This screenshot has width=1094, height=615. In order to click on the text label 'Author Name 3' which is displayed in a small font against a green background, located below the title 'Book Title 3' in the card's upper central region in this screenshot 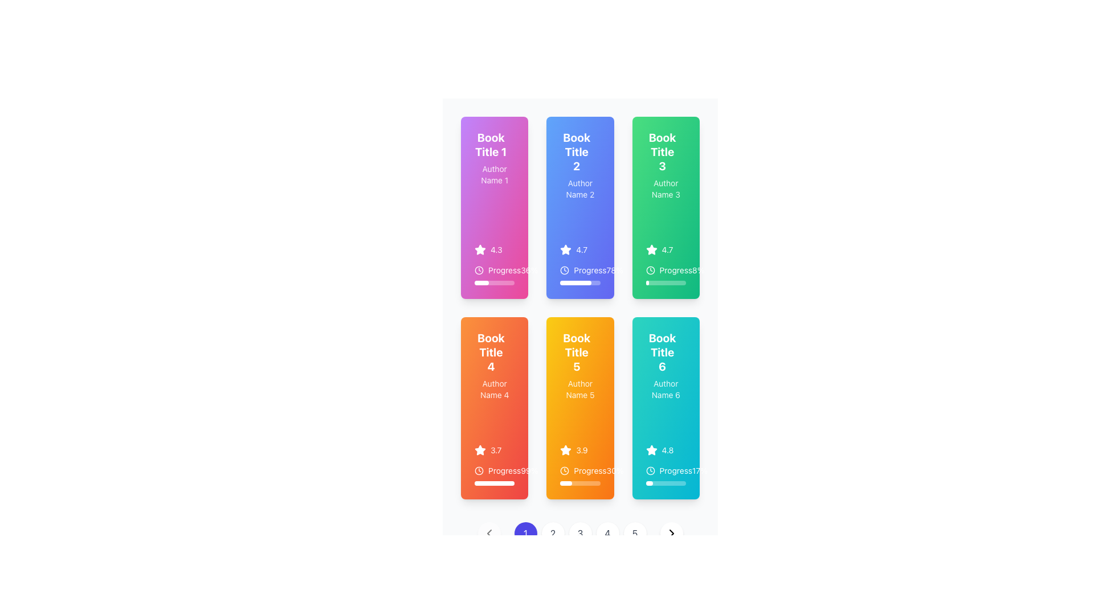, I will do `click(666, 188)`.